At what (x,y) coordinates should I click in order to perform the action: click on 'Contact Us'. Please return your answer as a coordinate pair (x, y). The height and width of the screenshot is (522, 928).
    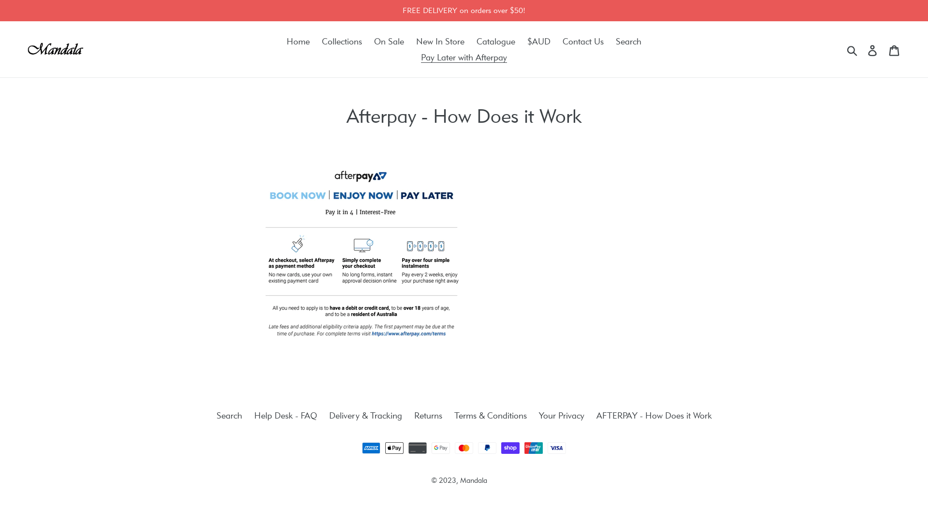
    Looking at the image, I should click on (582, 41).